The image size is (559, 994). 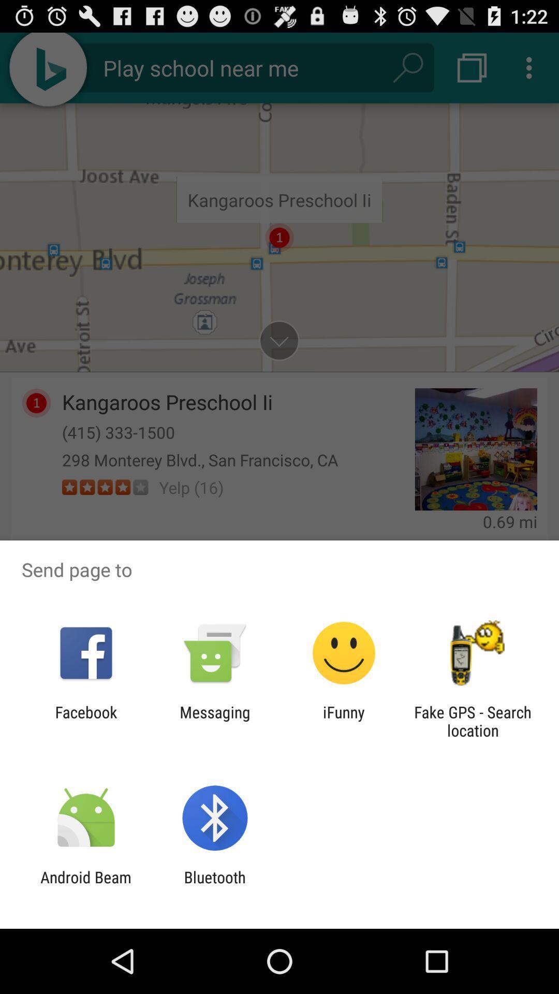 What do you see at coordinates (214, 886) in the screenshot?
I see `bluetooth icon` at bounding box center [214, 886].